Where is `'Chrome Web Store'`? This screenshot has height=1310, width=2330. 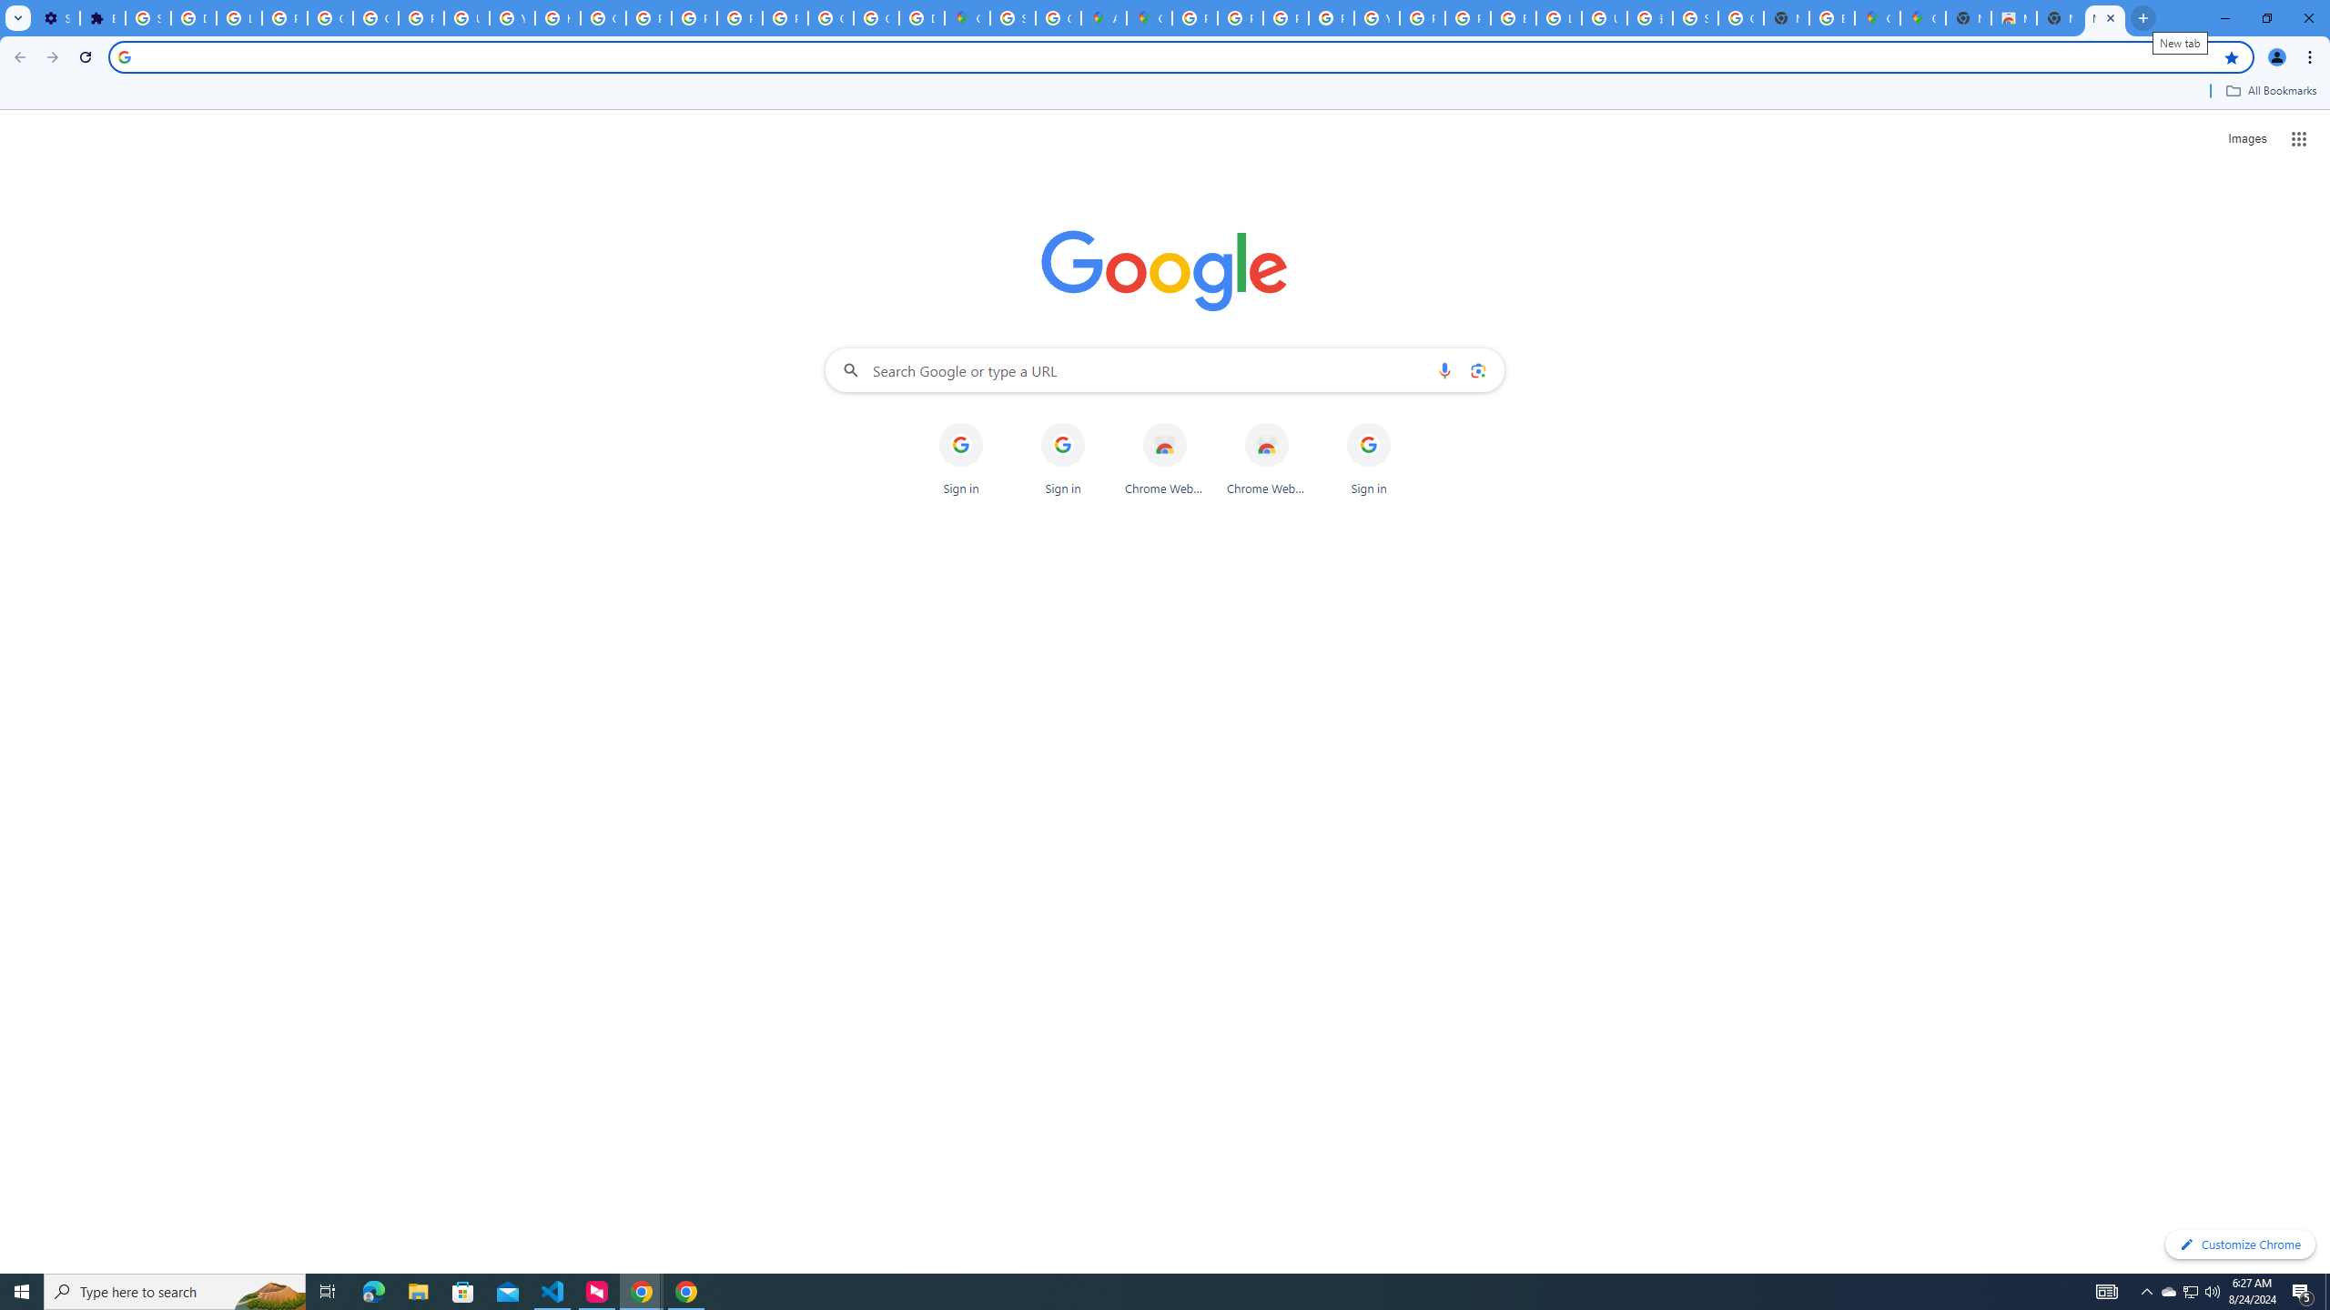
'Chrome Web Store' is located at coordinates (1266, 459).